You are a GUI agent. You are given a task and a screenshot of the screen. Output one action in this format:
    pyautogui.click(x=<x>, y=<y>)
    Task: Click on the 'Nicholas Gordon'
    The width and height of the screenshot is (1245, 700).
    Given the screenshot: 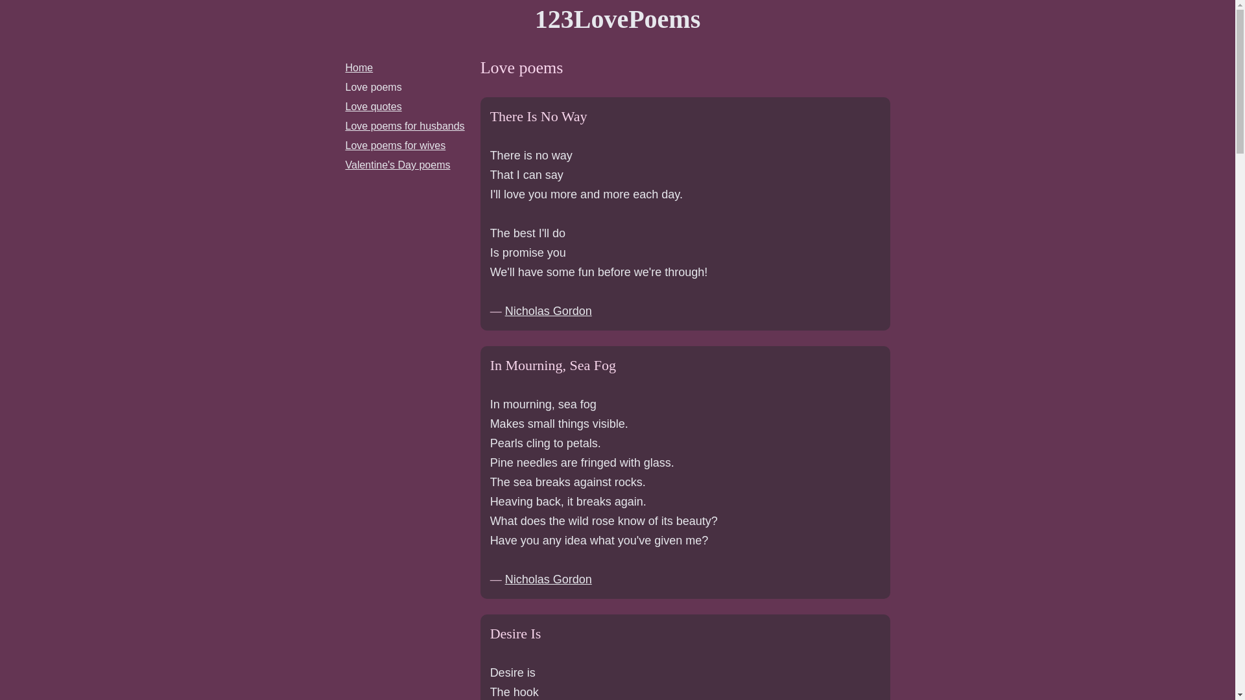 What is the action you would take?
    pyautogui.click(x=548, y=579)
    